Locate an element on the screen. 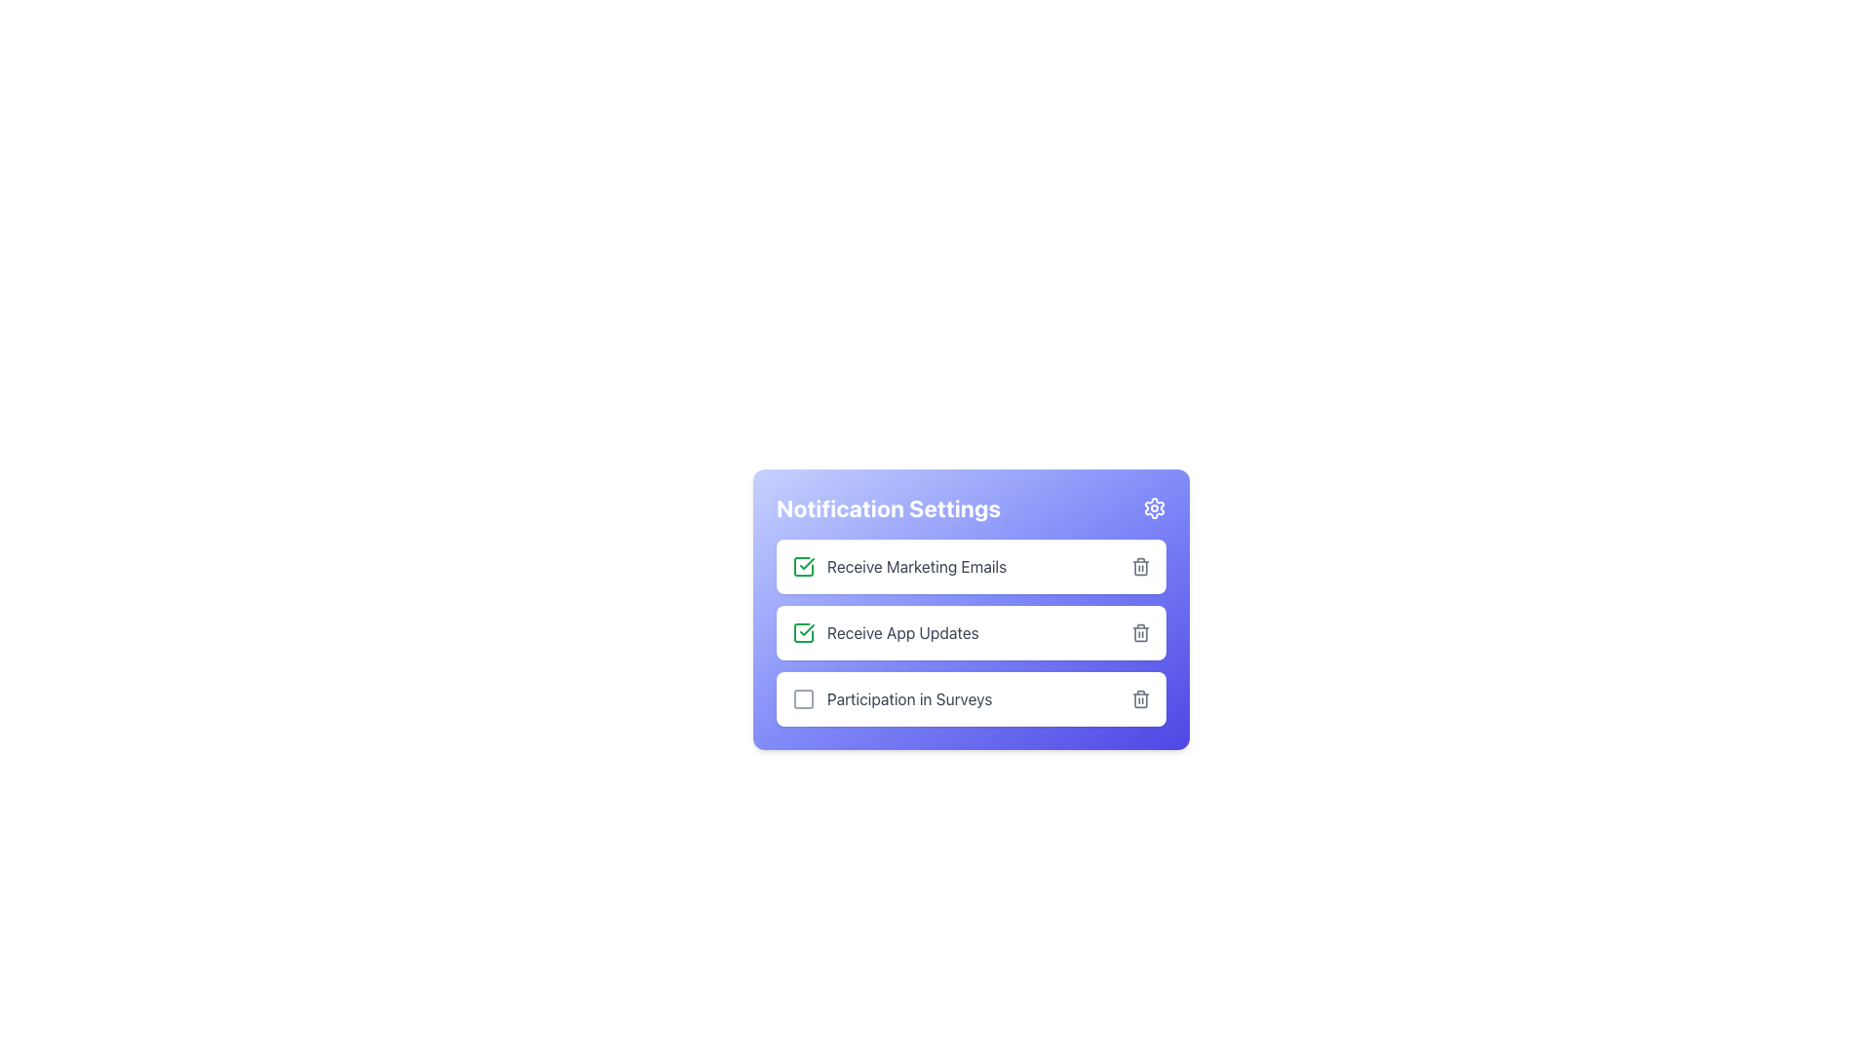 This screenshot has width=1871, height=1052. the label 'Receive Marketing Emails' of the active checkbox located on the left side of the first item in a vertical list of checkbox entries is located at coordinates (898, 567).